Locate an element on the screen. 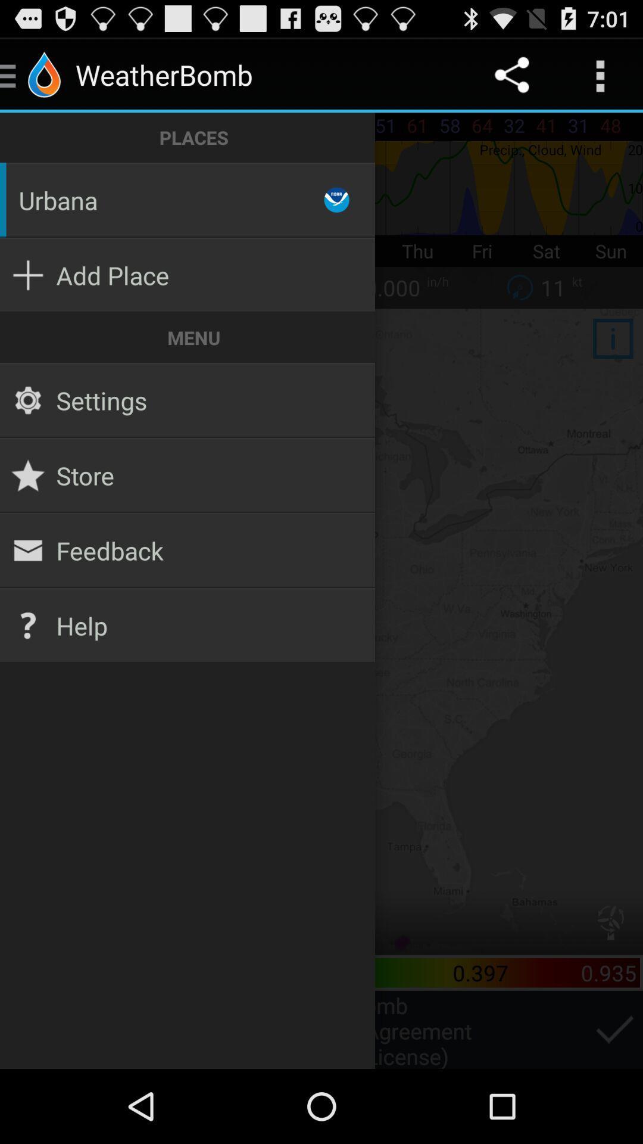 The width and height of the screenshot is (643, 1144). the info icon is located at coordinates (613, 362).